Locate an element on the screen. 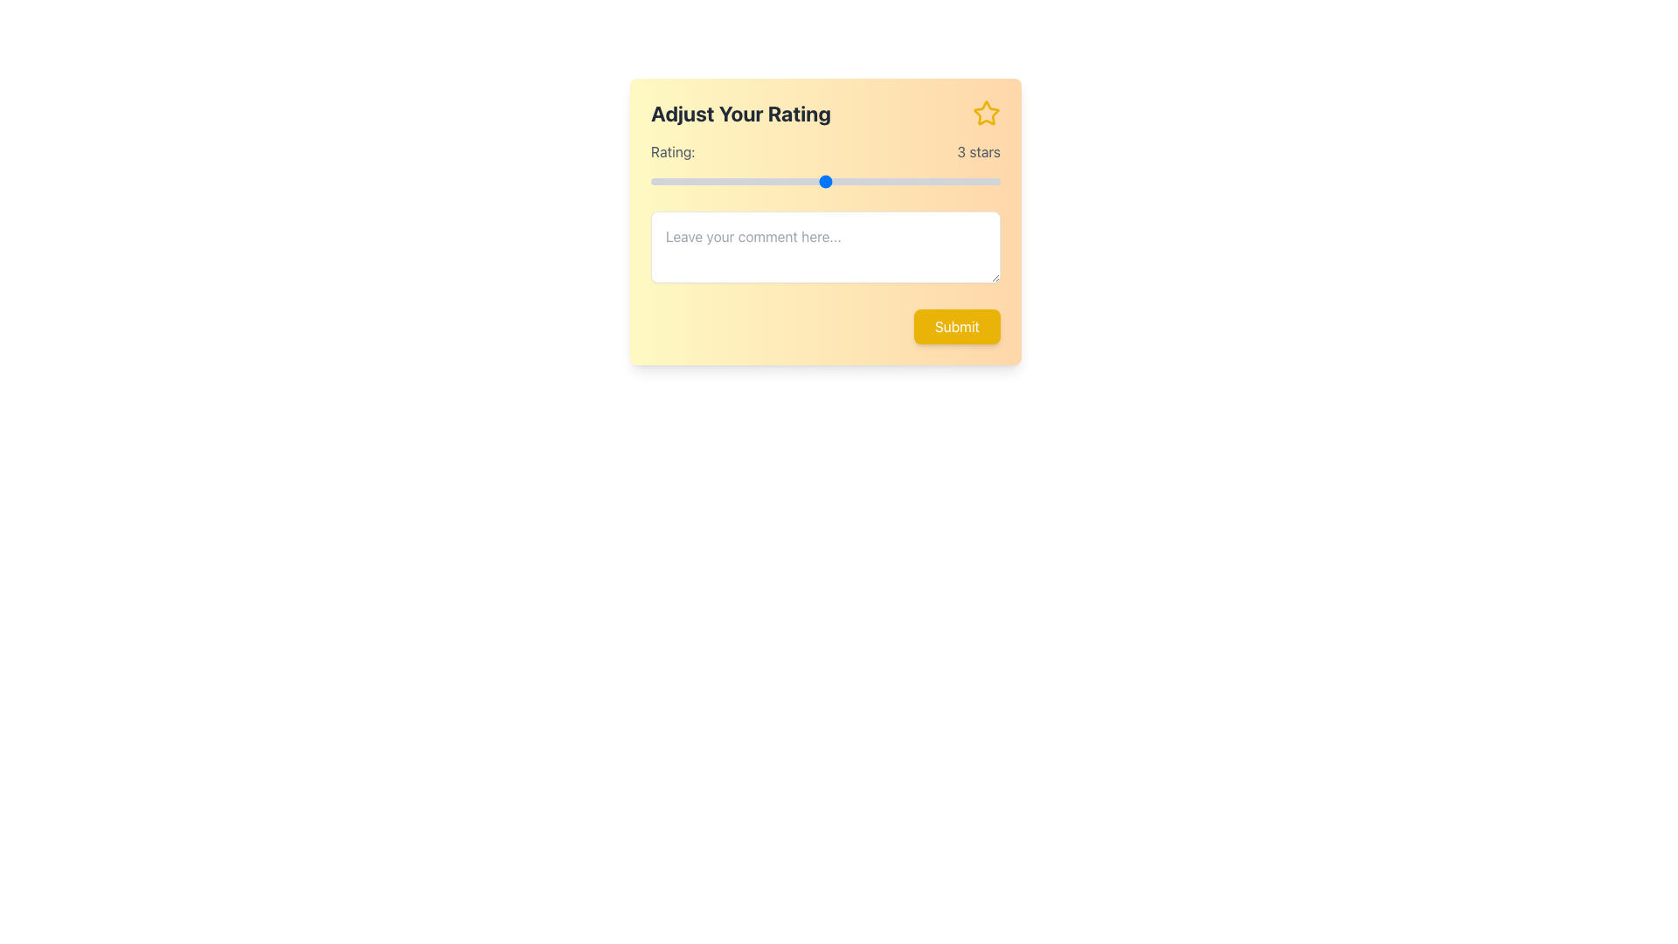 The height and width of the screenshot is (944, 1678). the star-shaped icon filled with a yellow gradient color, which is located in the upper-right corner of the dialog box titled 'Adjust Your Rating' is located at coordinates (986, 113).